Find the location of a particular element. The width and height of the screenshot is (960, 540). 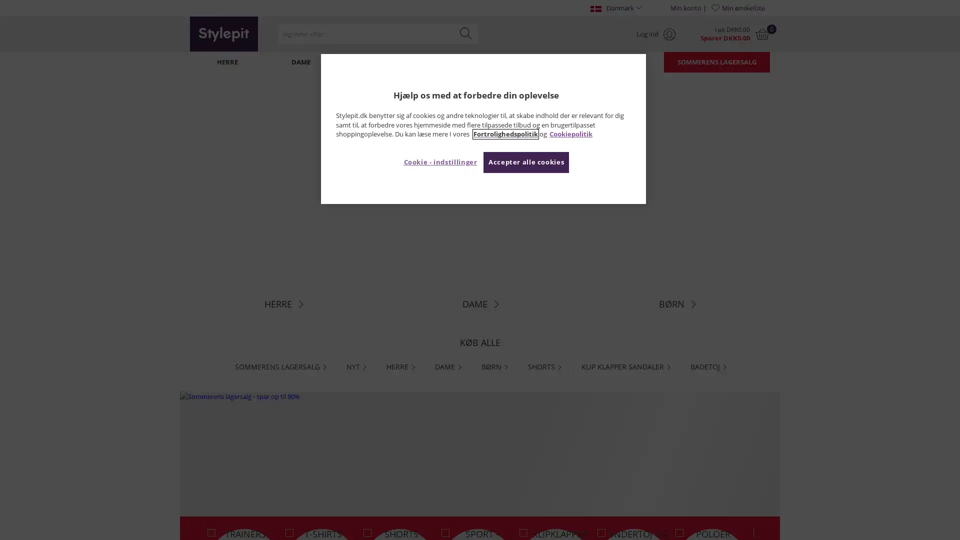

Accepter alle cookies is located at coordinates (525, 161).